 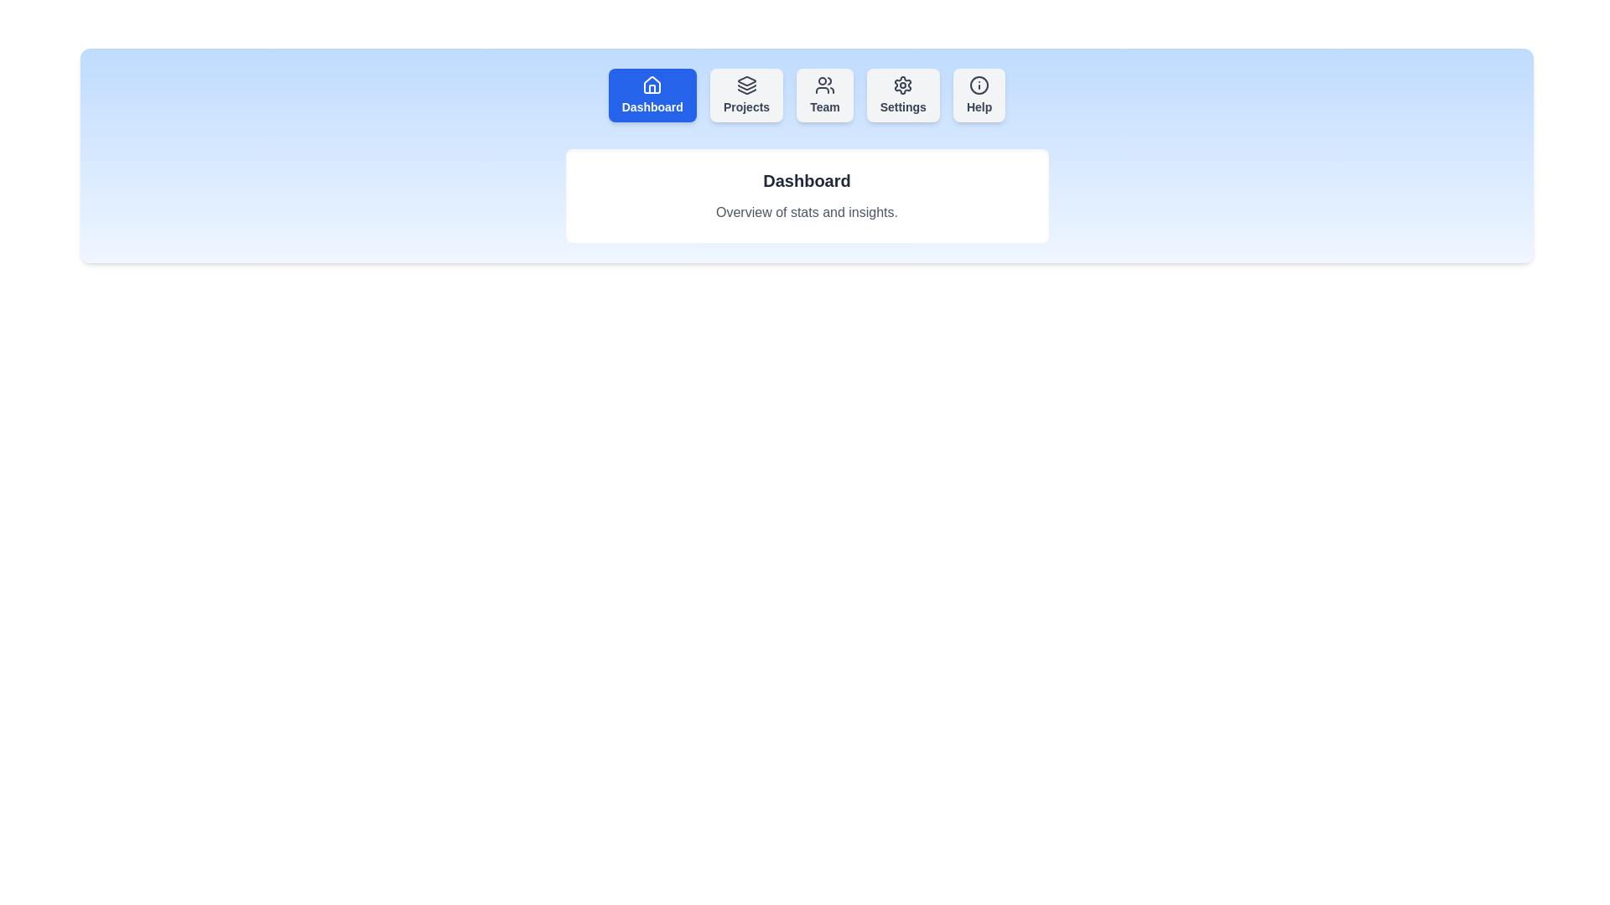 What do you see at coordinates (652, 85) in the screenshot?
I see `the icon of the Dashboard tab` at bounding box center [652, 85].